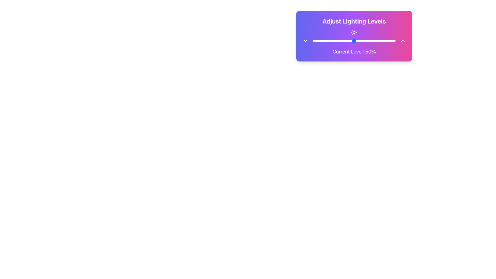 The height and width of the screenshot is (279, 496). What do you see at coordinates (364, 41) in the screenshot?
I see `the lighting level` at bounding box center [364, 41].